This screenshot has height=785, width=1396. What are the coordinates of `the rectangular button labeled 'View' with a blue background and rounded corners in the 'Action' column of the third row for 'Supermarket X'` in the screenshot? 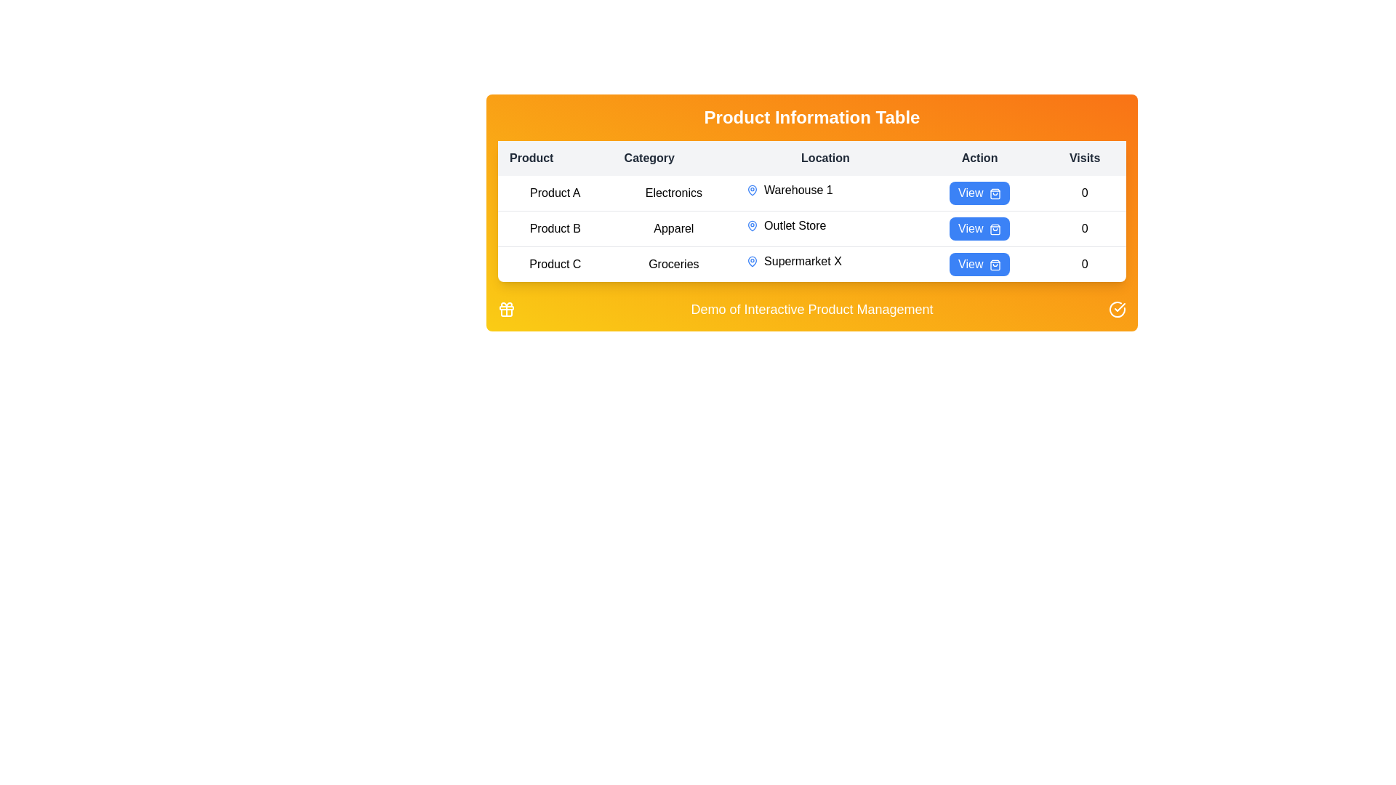 It's located at (979, 264).